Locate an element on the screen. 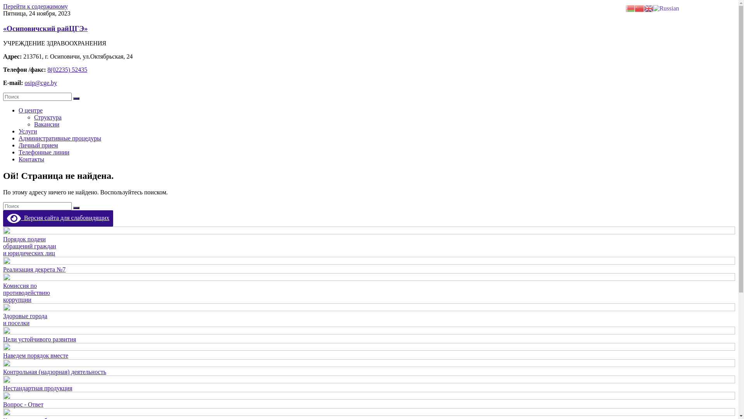  'Belarusian' is located at coordinates (630, 8).